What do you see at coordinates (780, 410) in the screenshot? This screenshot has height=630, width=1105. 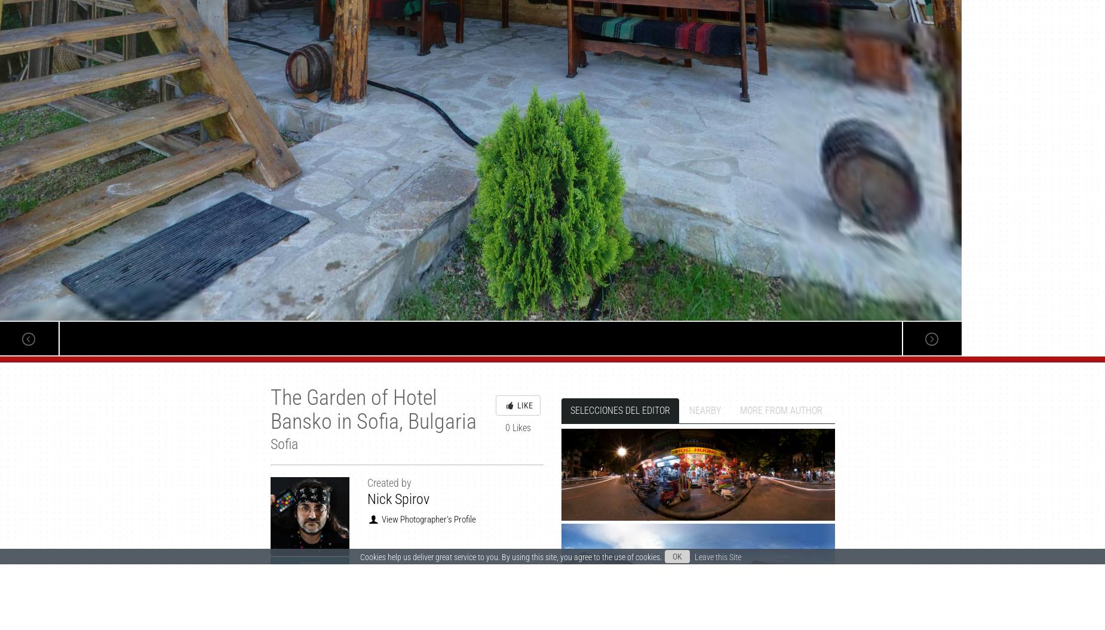 I see `'More from author'` at bounding box center [780, 410].